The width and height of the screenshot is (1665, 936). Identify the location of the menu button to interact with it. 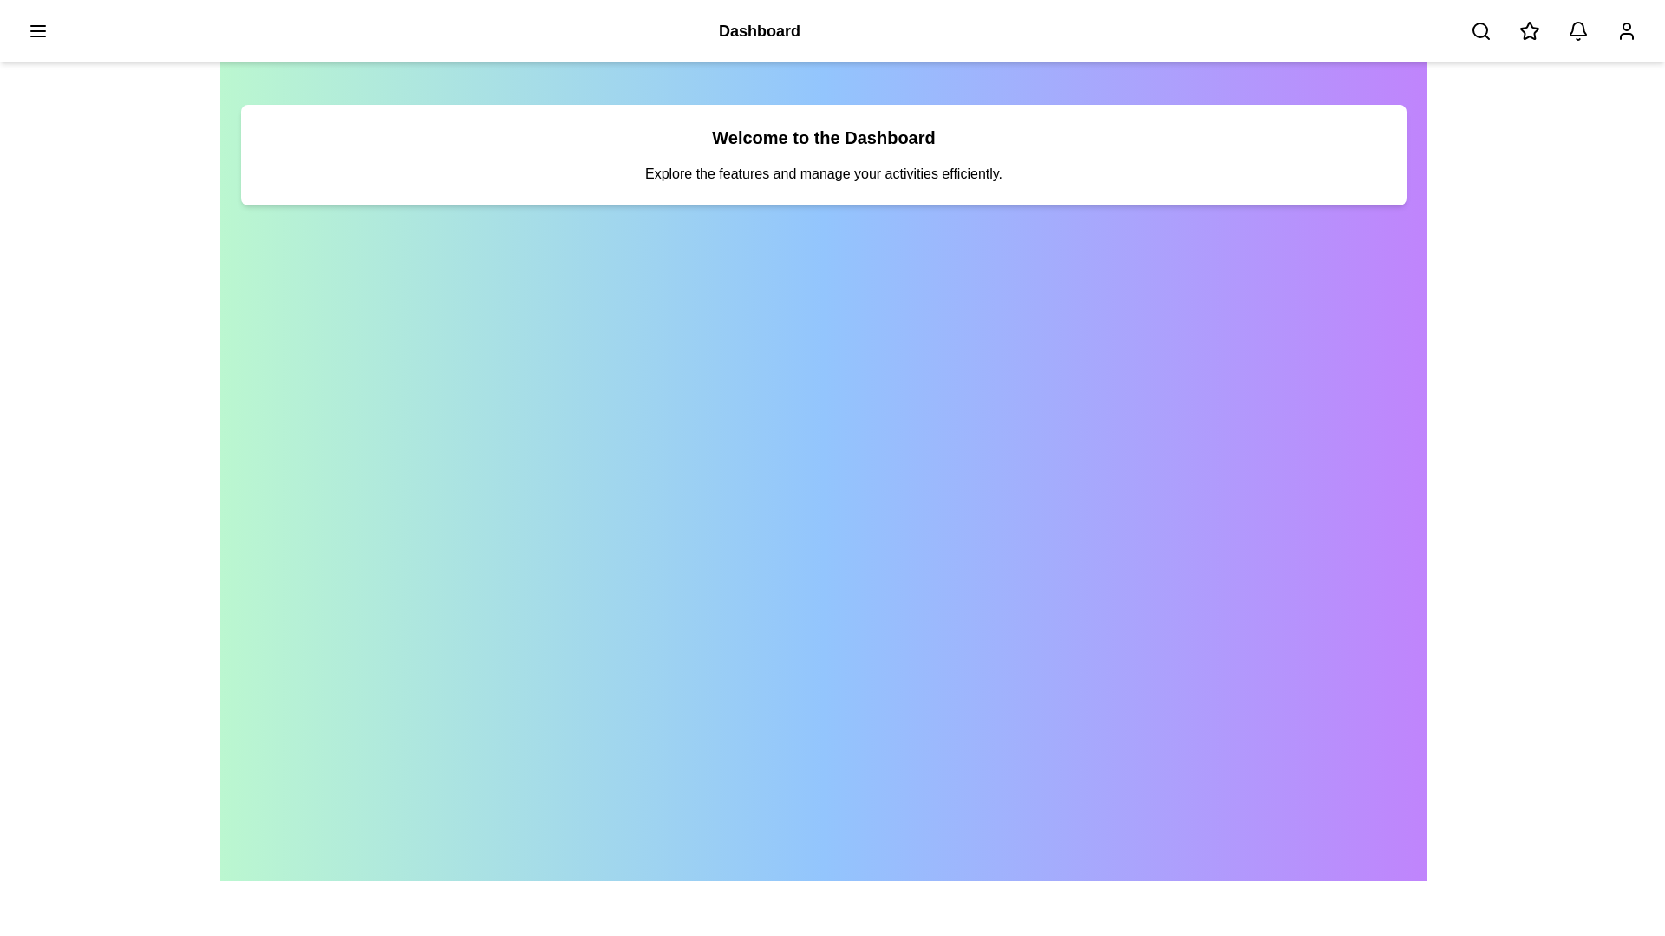
(37, 30).